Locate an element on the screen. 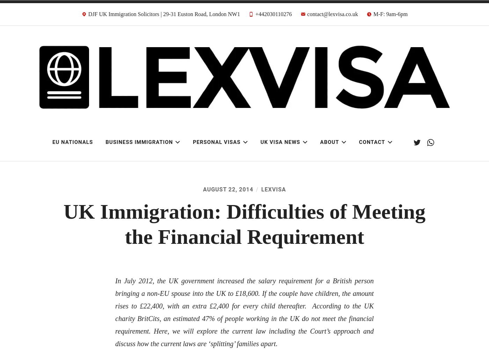 Image resolution: width=489 pixels, height=357 pixels. 'UK Visa News' is located at coordinates (280, 142).